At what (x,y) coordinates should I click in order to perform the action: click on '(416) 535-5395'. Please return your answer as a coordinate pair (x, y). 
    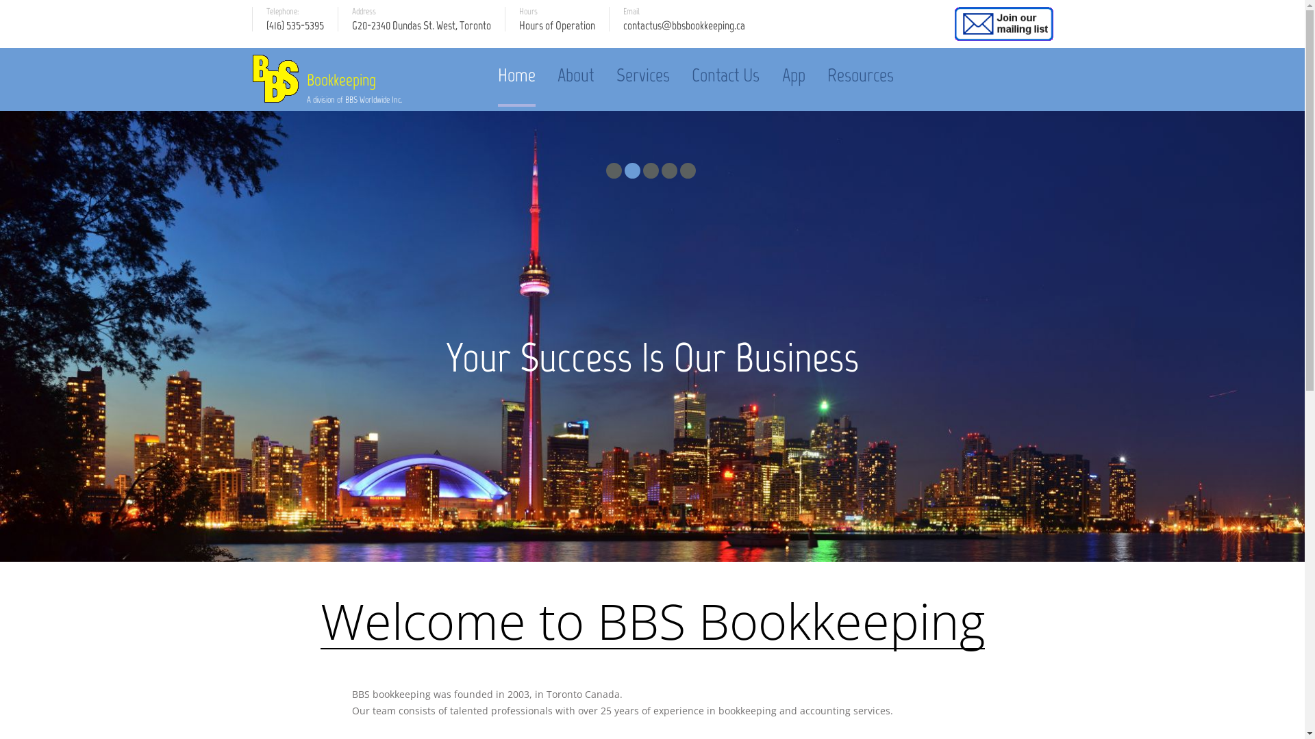
    Looking at the image, I should click on (294, 31).